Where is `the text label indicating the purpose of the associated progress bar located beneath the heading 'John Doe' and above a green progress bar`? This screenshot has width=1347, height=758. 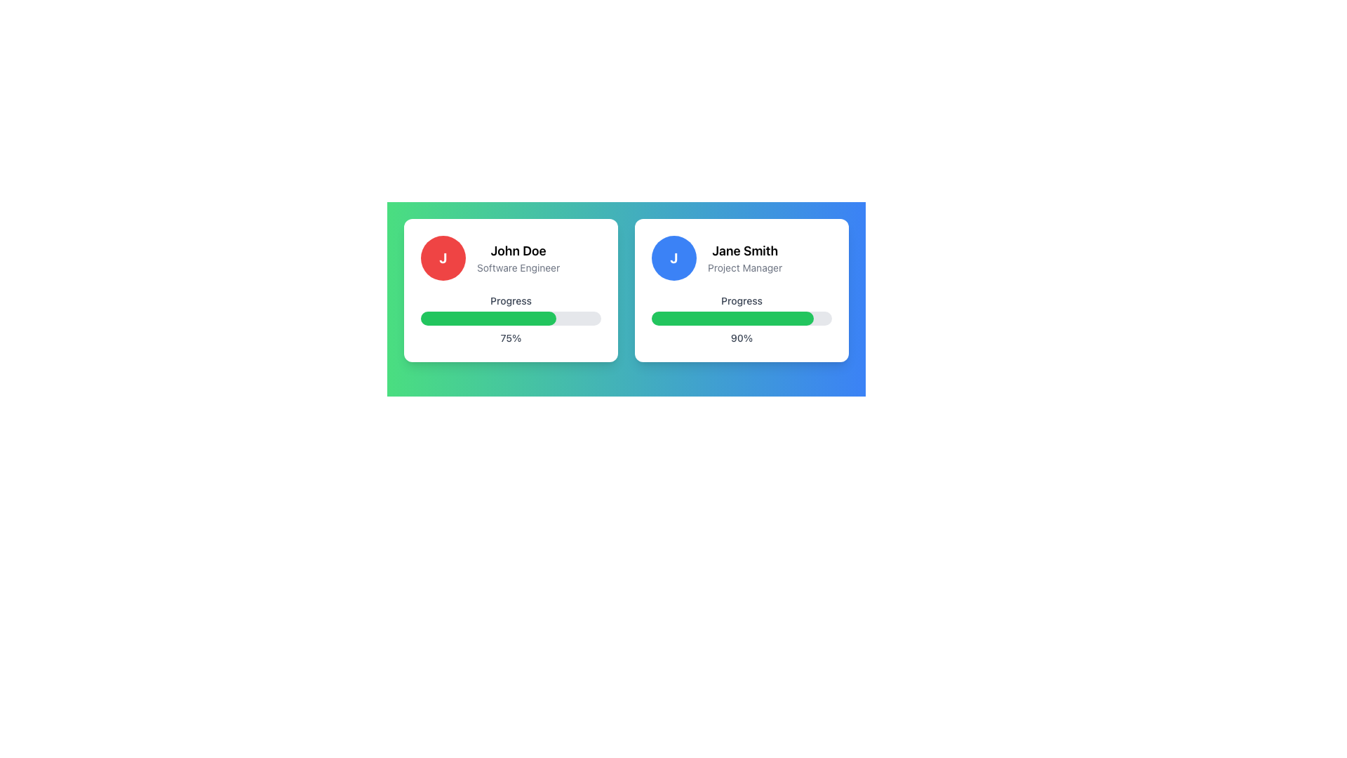 the text label indicating the purpose of the associated progress bar located beneath the heading 'John Doe' and above a green progress bar is located at coordinates (510, 300).